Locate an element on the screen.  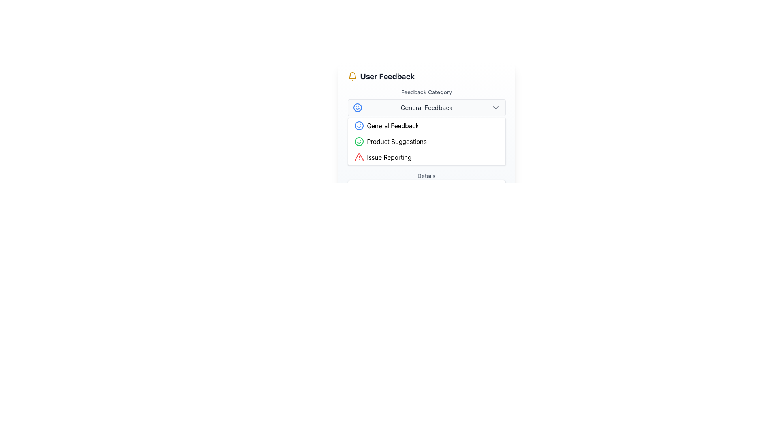
the 'Issue Reporting' option in the feedback category dropdown is located at coordinates (426, 157).